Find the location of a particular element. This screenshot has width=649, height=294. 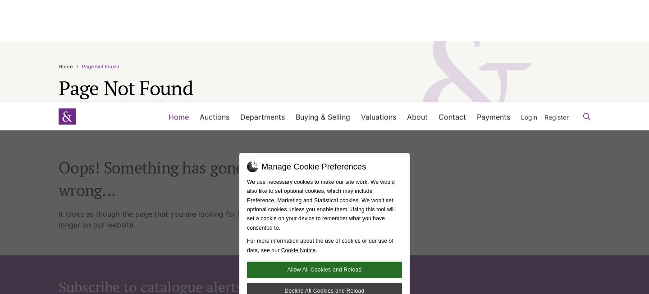

'Oops! Something has gone wrong...' is located at coordinates (151, 48).